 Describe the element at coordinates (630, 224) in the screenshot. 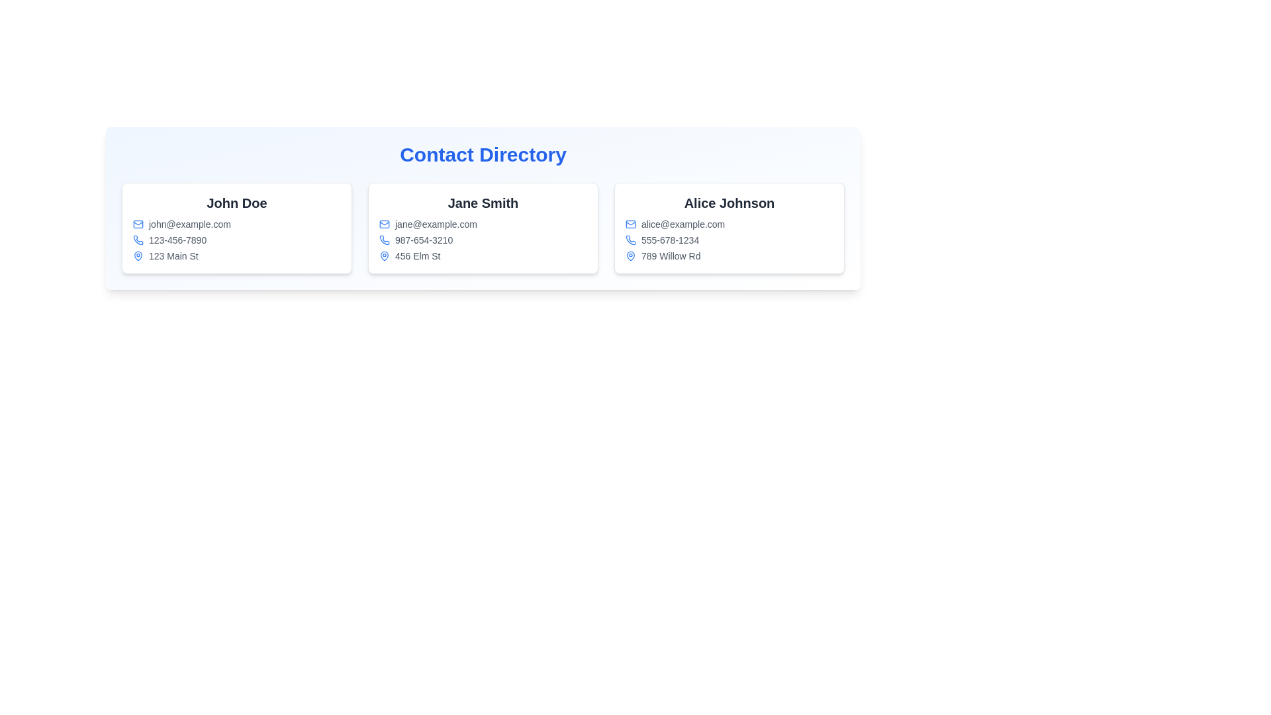

I see `the inner rectangle of the envelope icon representing the email contact method for 'Alice Johnson' in the third contact card of the 'Contact Directory' section` at that location.